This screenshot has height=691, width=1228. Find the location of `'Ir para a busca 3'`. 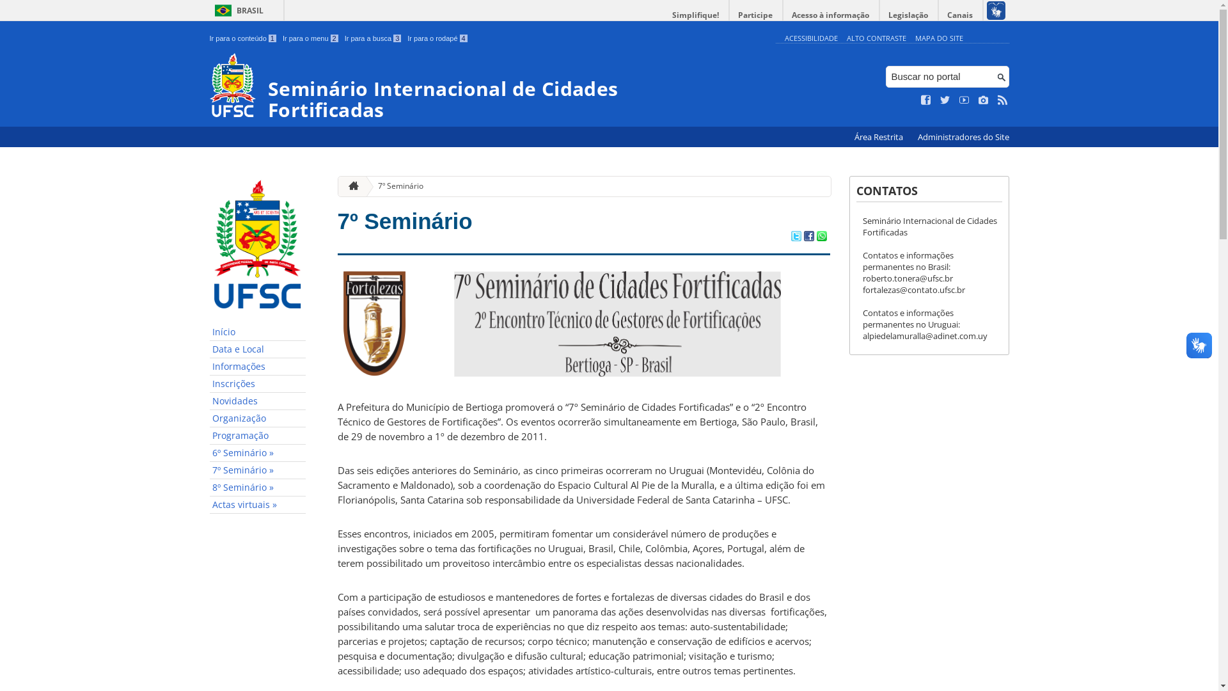

'Ir para a busca 3' is located at coordinates (372, 38).